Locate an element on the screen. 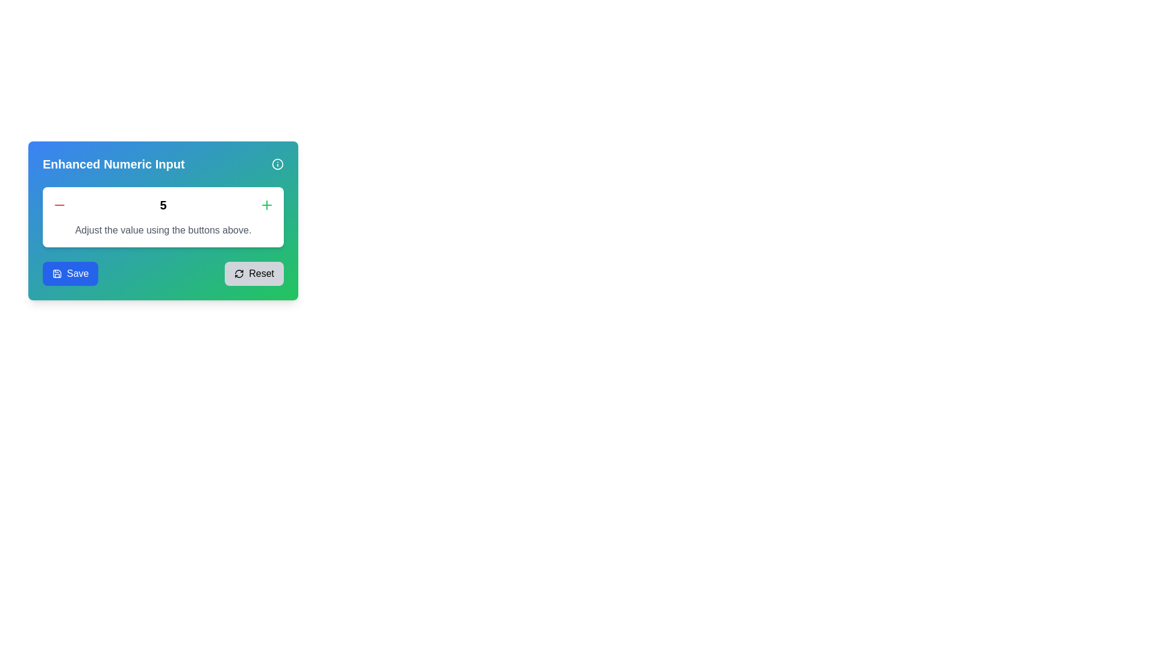 The height and width of the screenshot is (650, 1157). the section title is located at coordinates (162, 164).